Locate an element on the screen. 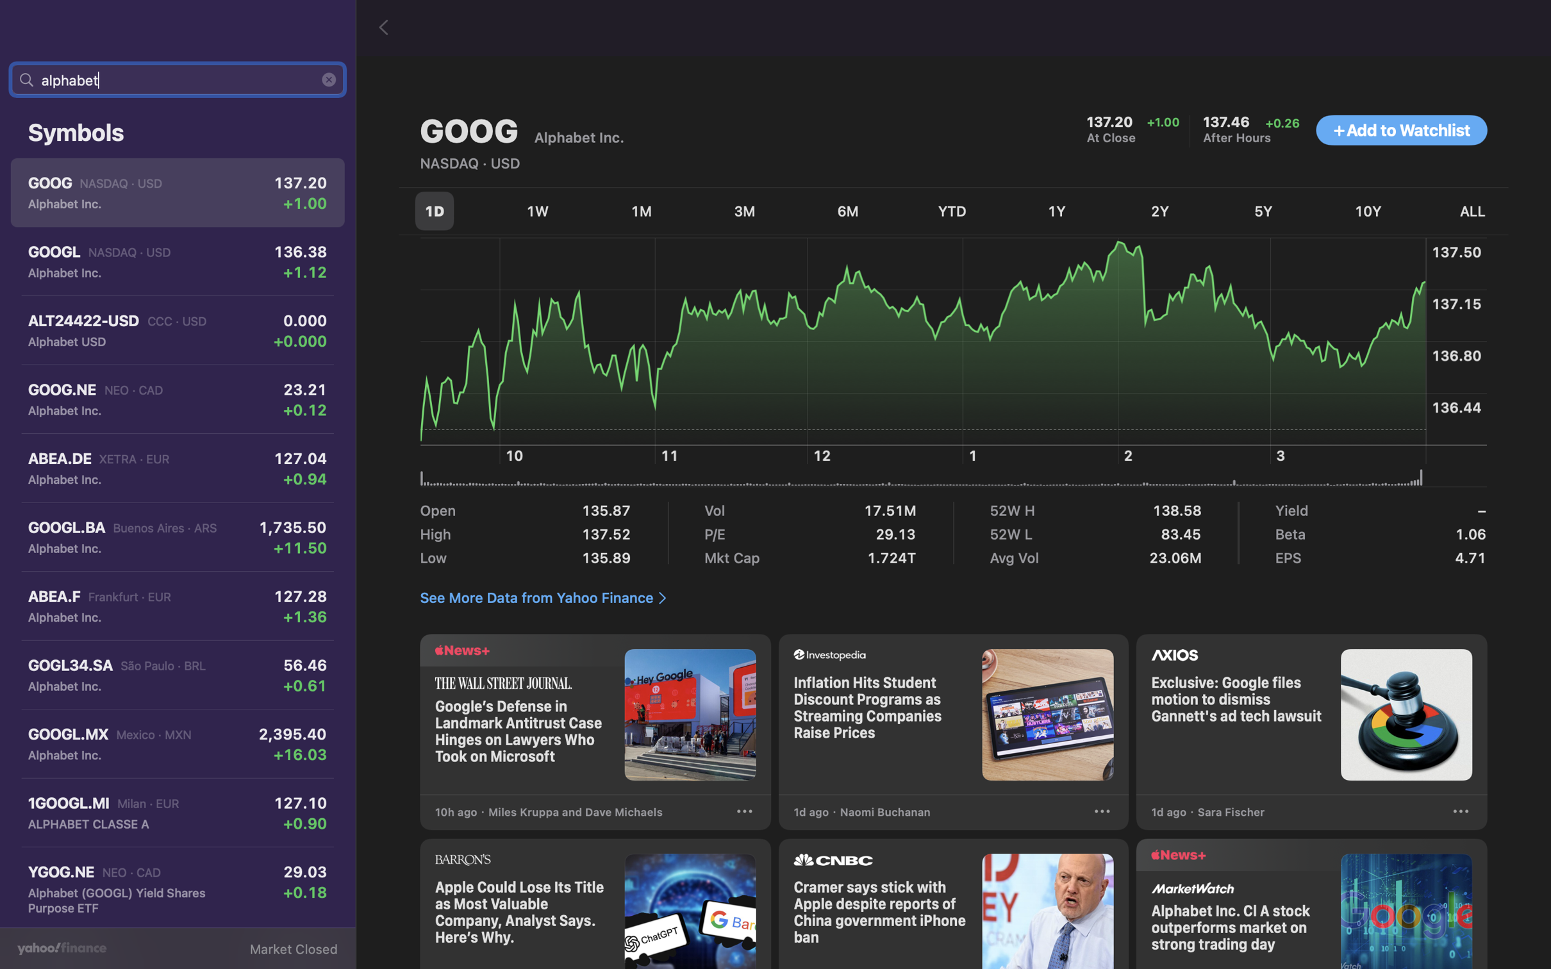  Assign the stock to the watchlist is located at coordinates (1401, 131).